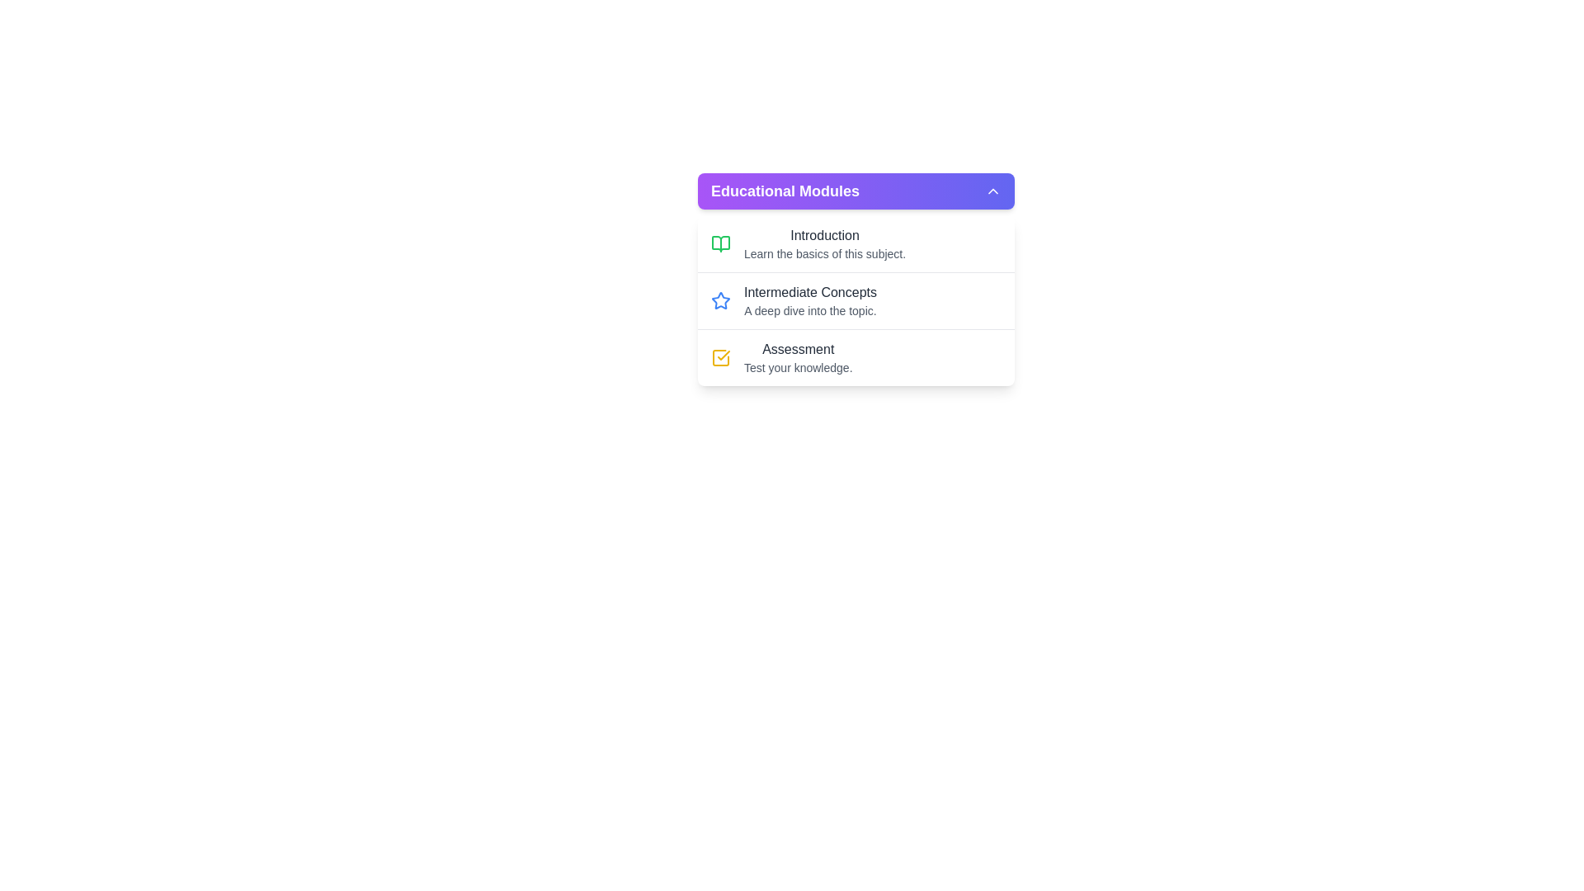  Describe the element at coordinates (720, 244) in the screenshot. I see `the visual identifier icon for the 'Introduction' section, located at the far left of the 'Introduction' list item within the educational module sections` at that location.